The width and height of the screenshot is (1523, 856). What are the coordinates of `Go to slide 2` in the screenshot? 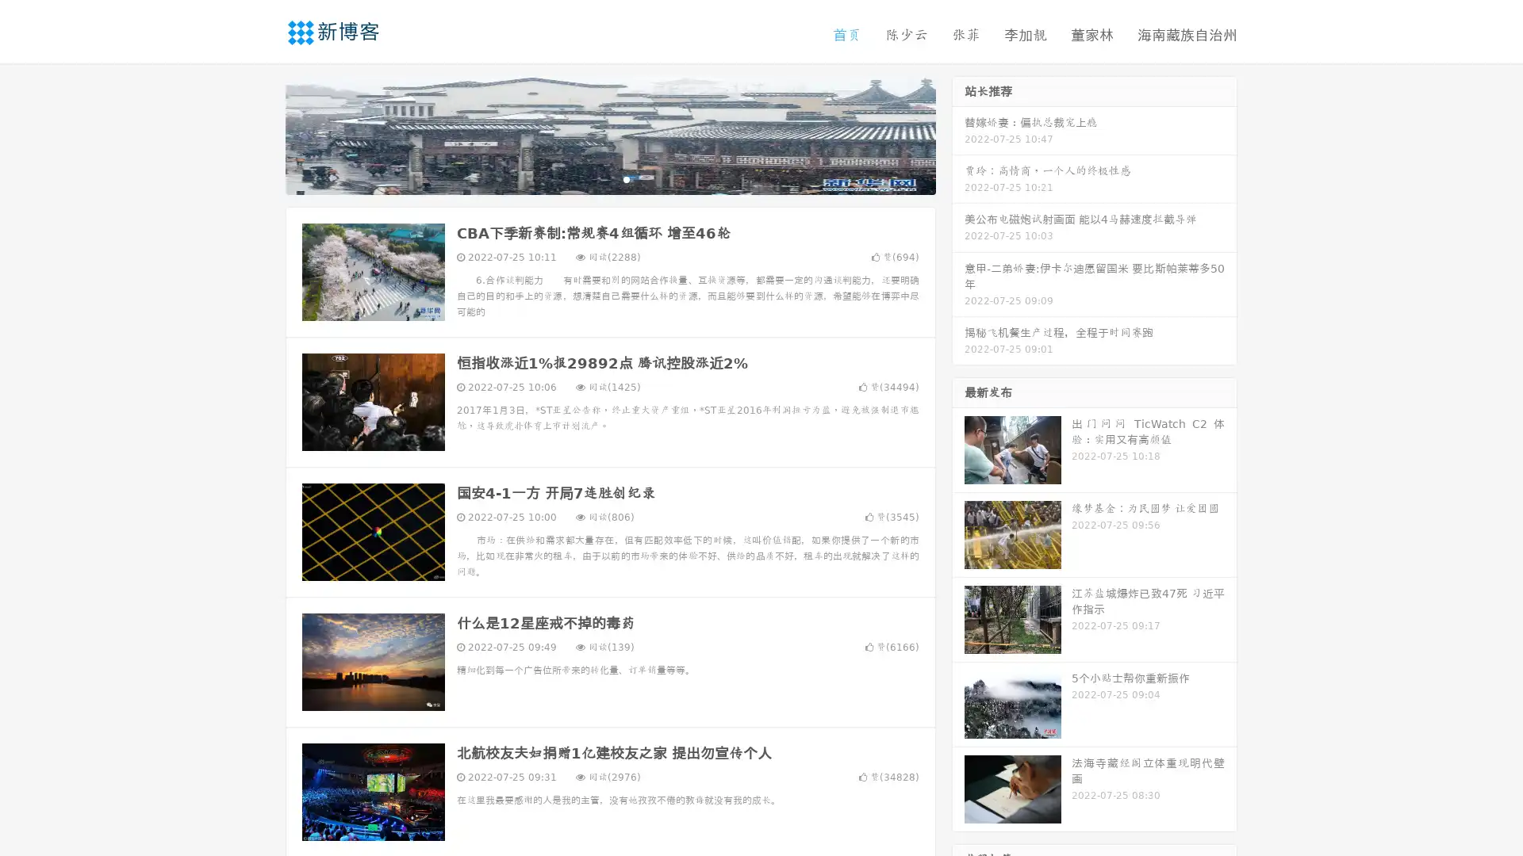 It's located at (609, 178).